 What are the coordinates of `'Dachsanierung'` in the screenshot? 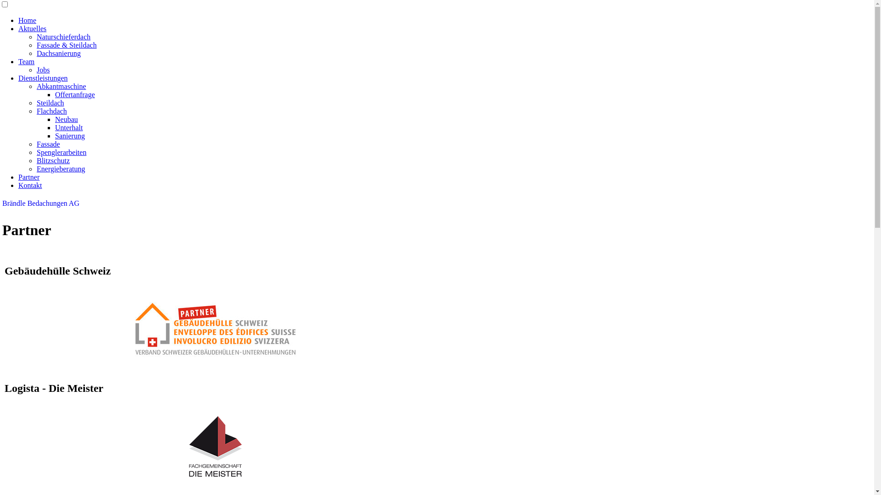 It's located at (58, 53).